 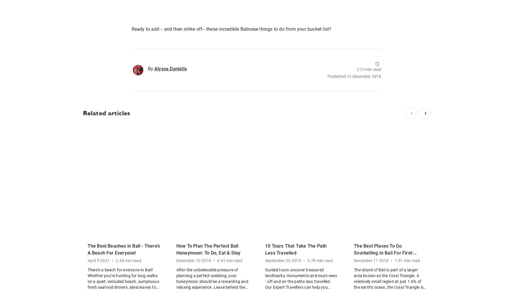 I want to click on '4.61 min read', so click(x=216, y=260).